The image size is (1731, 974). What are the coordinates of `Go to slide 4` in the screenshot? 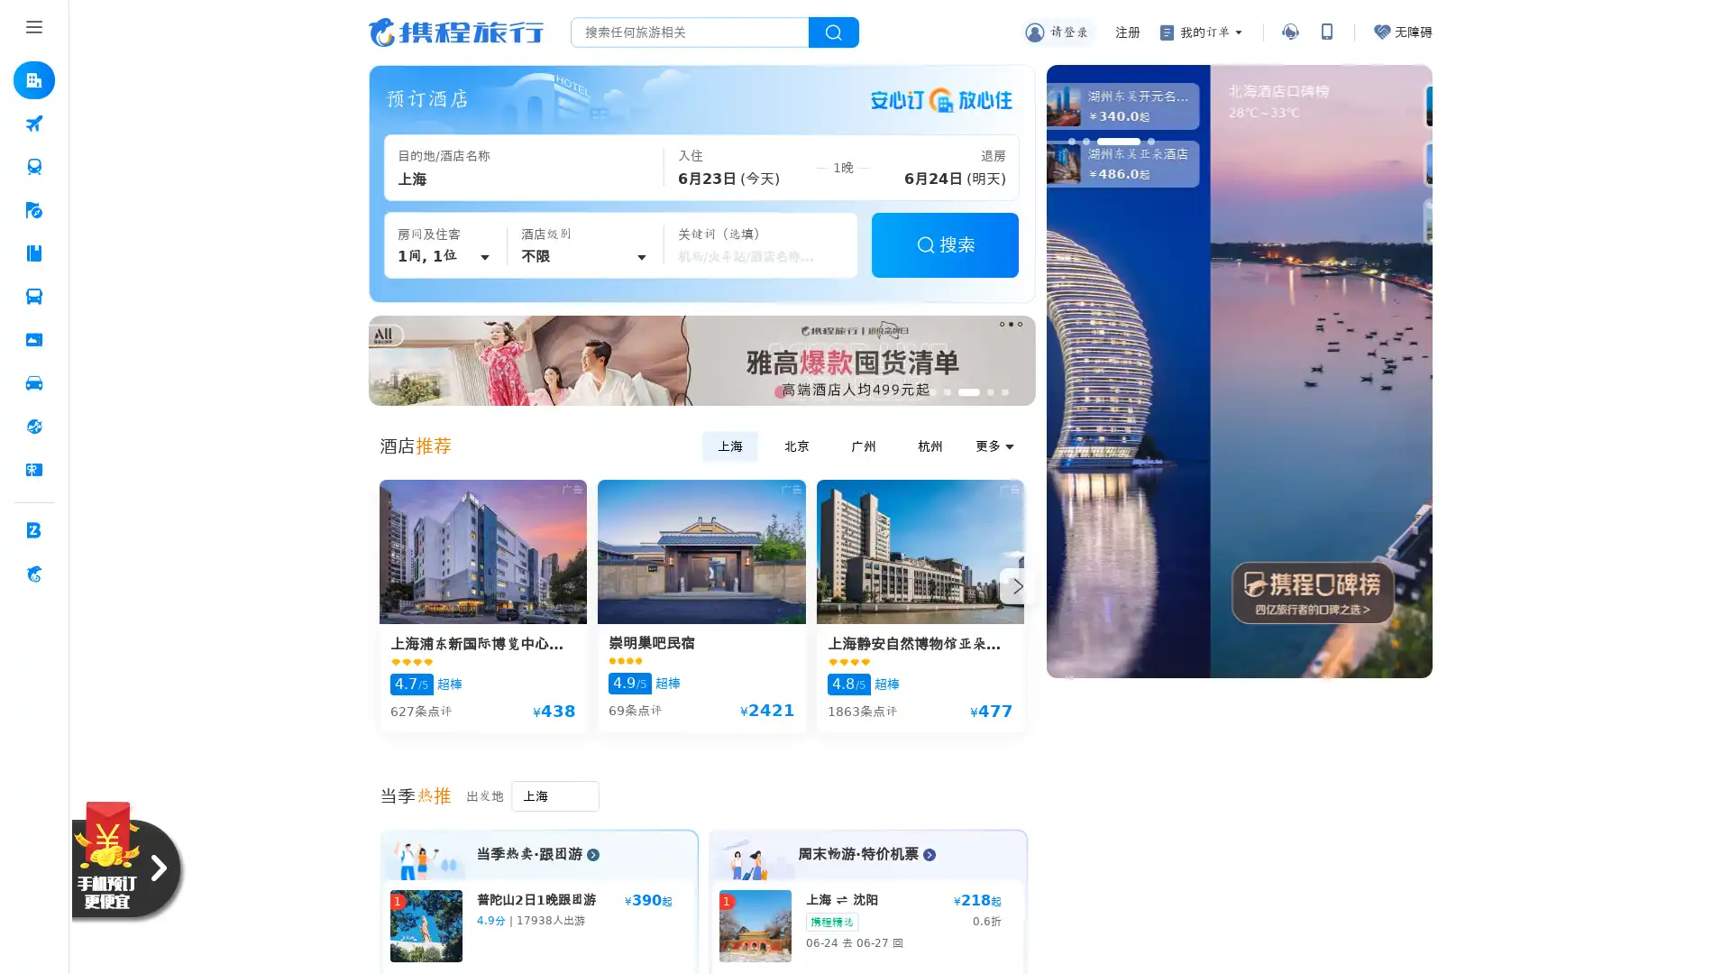 It's located at (989, 391).